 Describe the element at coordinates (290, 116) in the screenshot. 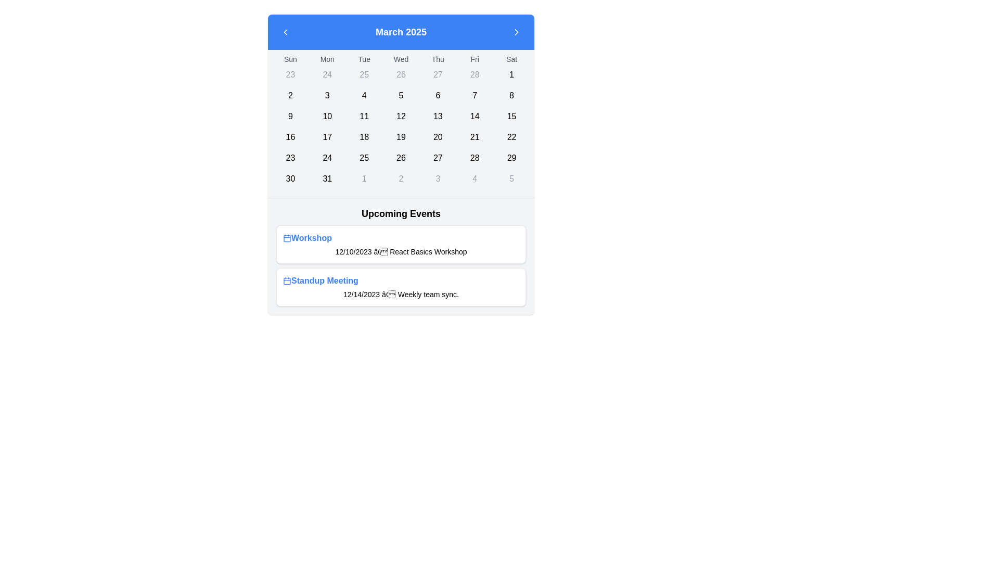

I see `the button representing Sunday, March 9 in the calendar view` at that location.